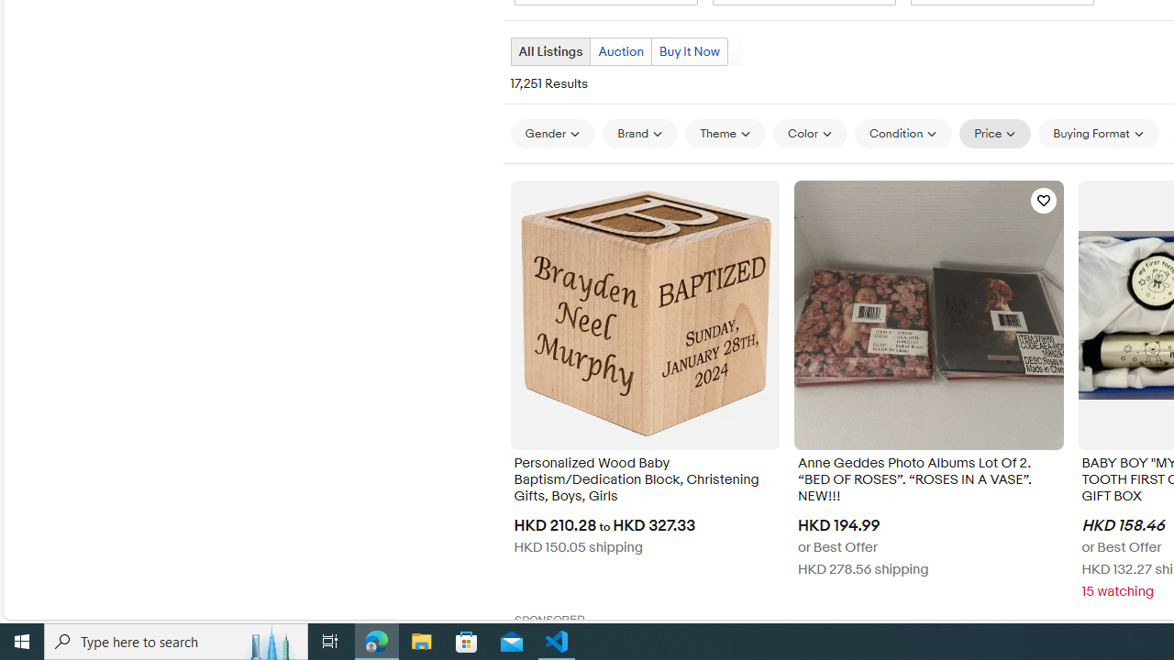  What do you see at coordinates (1099, 133) in the screenshot?
I see `'Buying Format'` at bounding box center [1099, 133].